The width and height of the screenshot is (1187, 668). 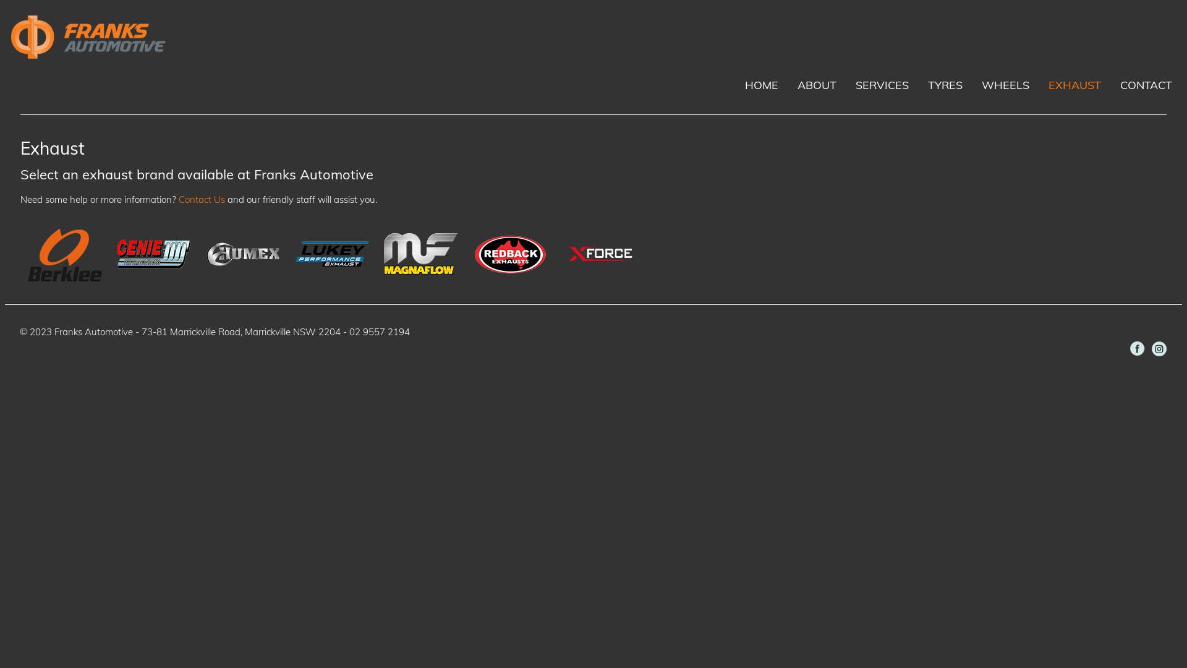 I want to click on 'WHEELS', so click(x=1005, y=84).